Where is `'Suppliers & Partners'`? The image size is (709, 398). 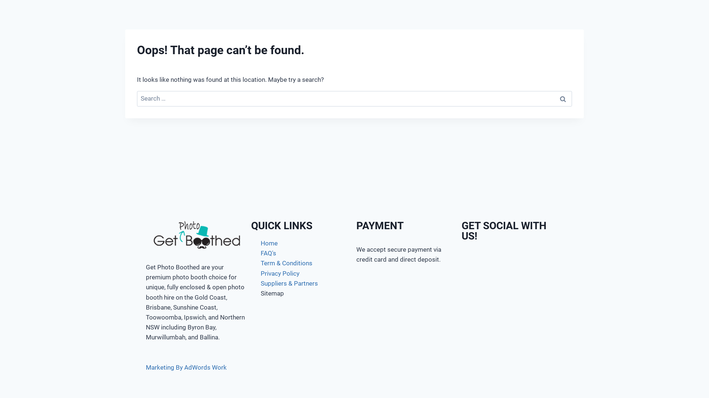
'Suppliers & Partners' is located at coordinates (302, 283).